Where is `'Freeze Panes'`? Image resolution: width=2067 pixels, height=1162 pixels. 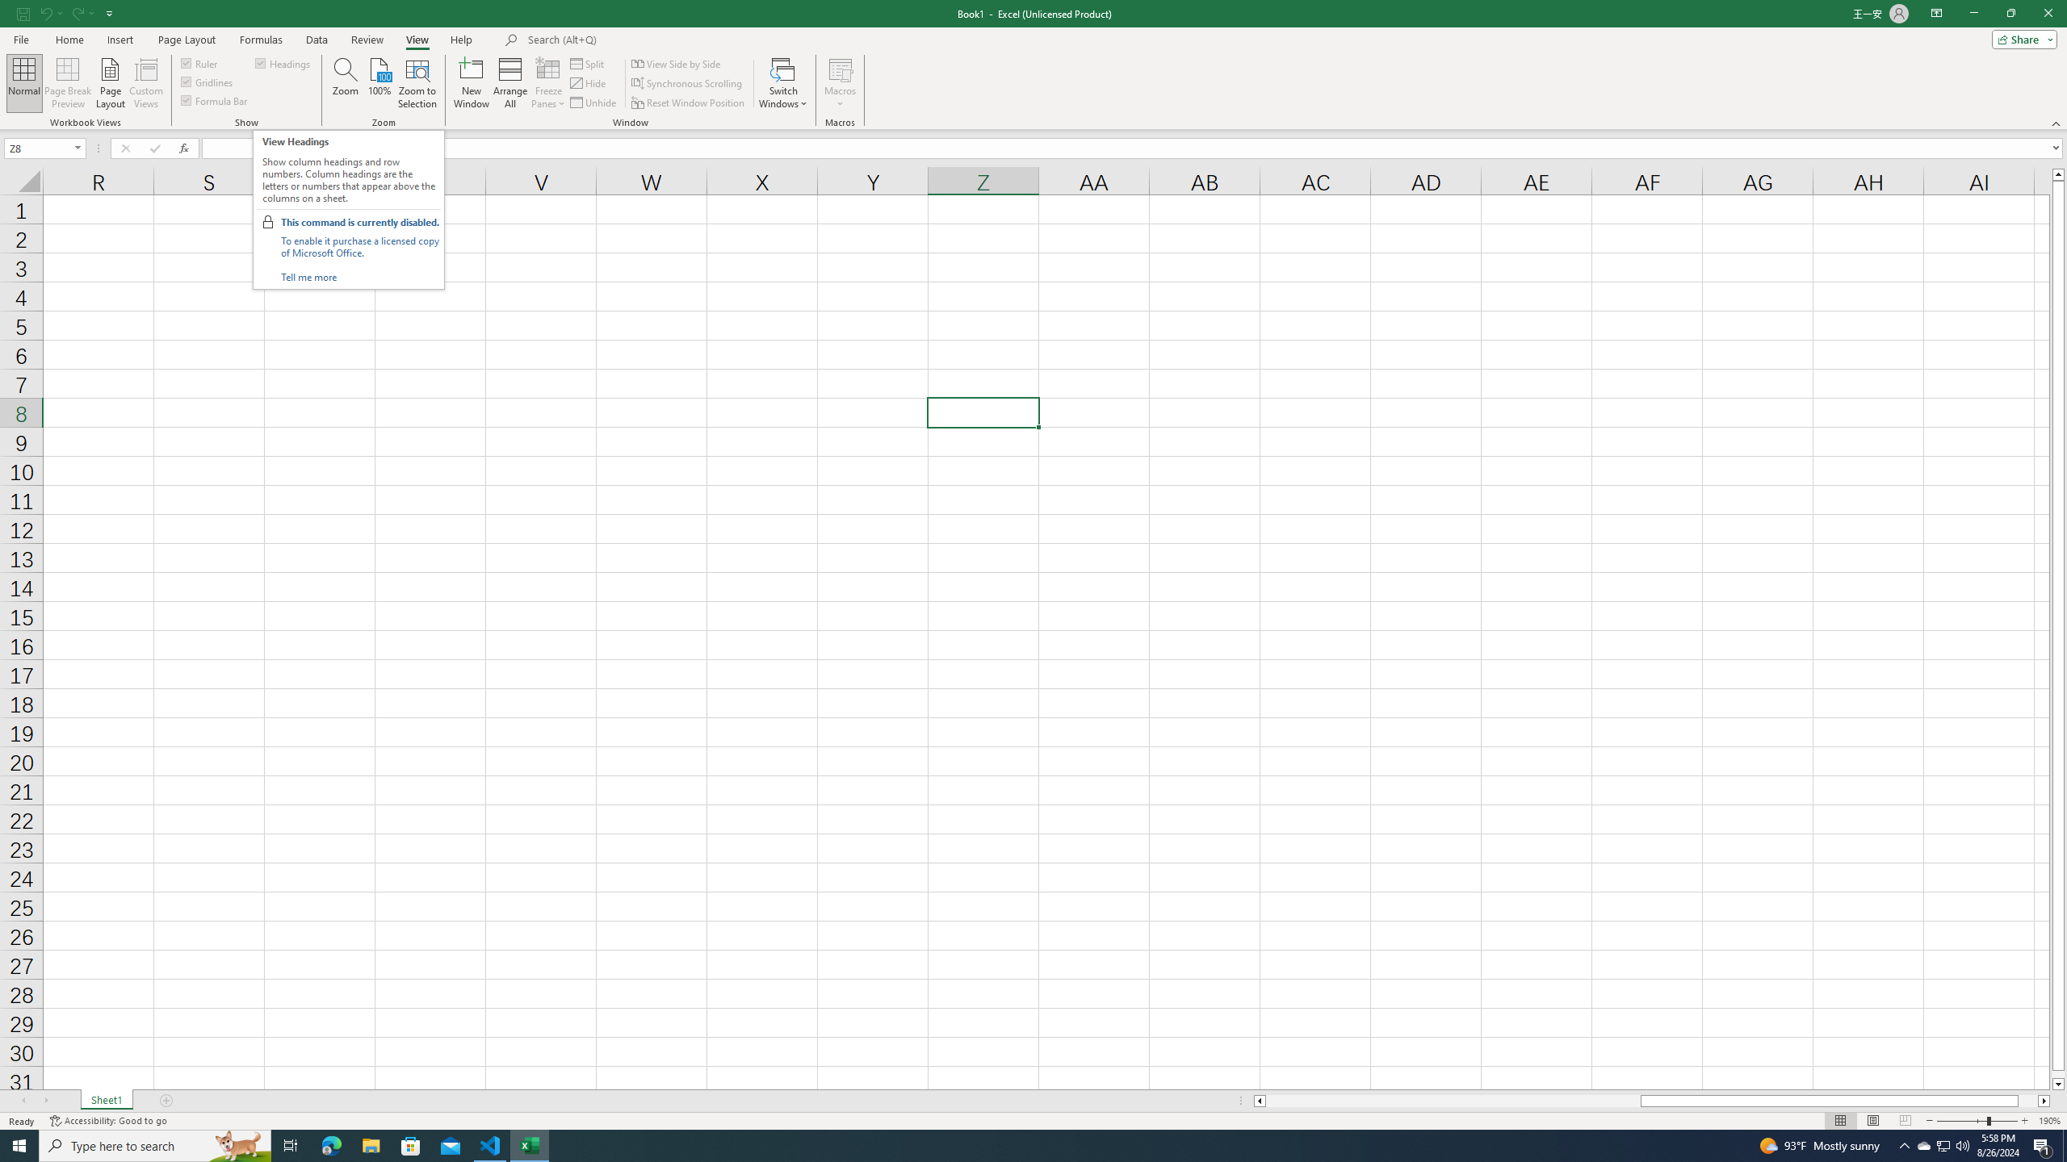
'Freeze Panes' is located at coordinates (547, 83).